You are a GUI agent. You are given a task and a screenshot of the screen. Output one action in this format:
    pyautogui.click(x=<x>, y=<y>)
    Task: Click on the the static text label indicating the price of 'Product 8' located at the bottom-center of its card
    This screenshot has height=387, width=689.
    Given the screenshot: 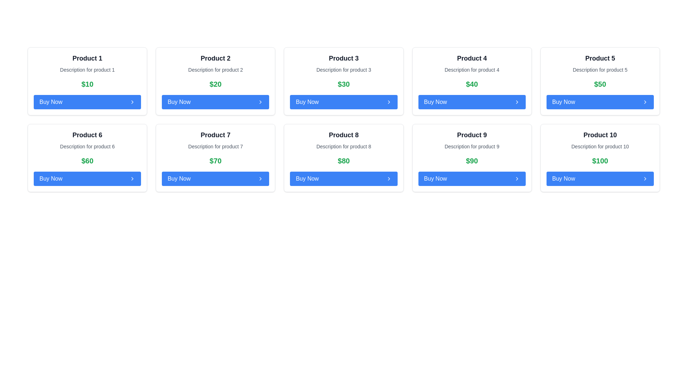 What is the action you would take?
    pyautogui.click(x=343, y=160)
    